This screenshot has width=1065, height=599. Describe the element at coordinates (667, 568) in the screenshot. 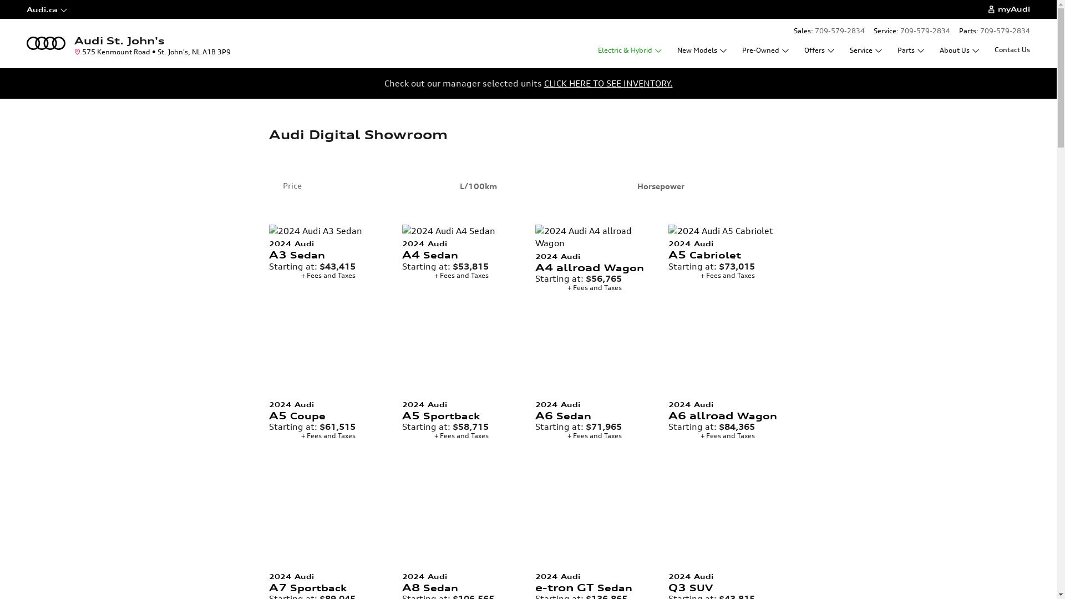

I see `'2024 Audi Q3 SUV '` at that location.